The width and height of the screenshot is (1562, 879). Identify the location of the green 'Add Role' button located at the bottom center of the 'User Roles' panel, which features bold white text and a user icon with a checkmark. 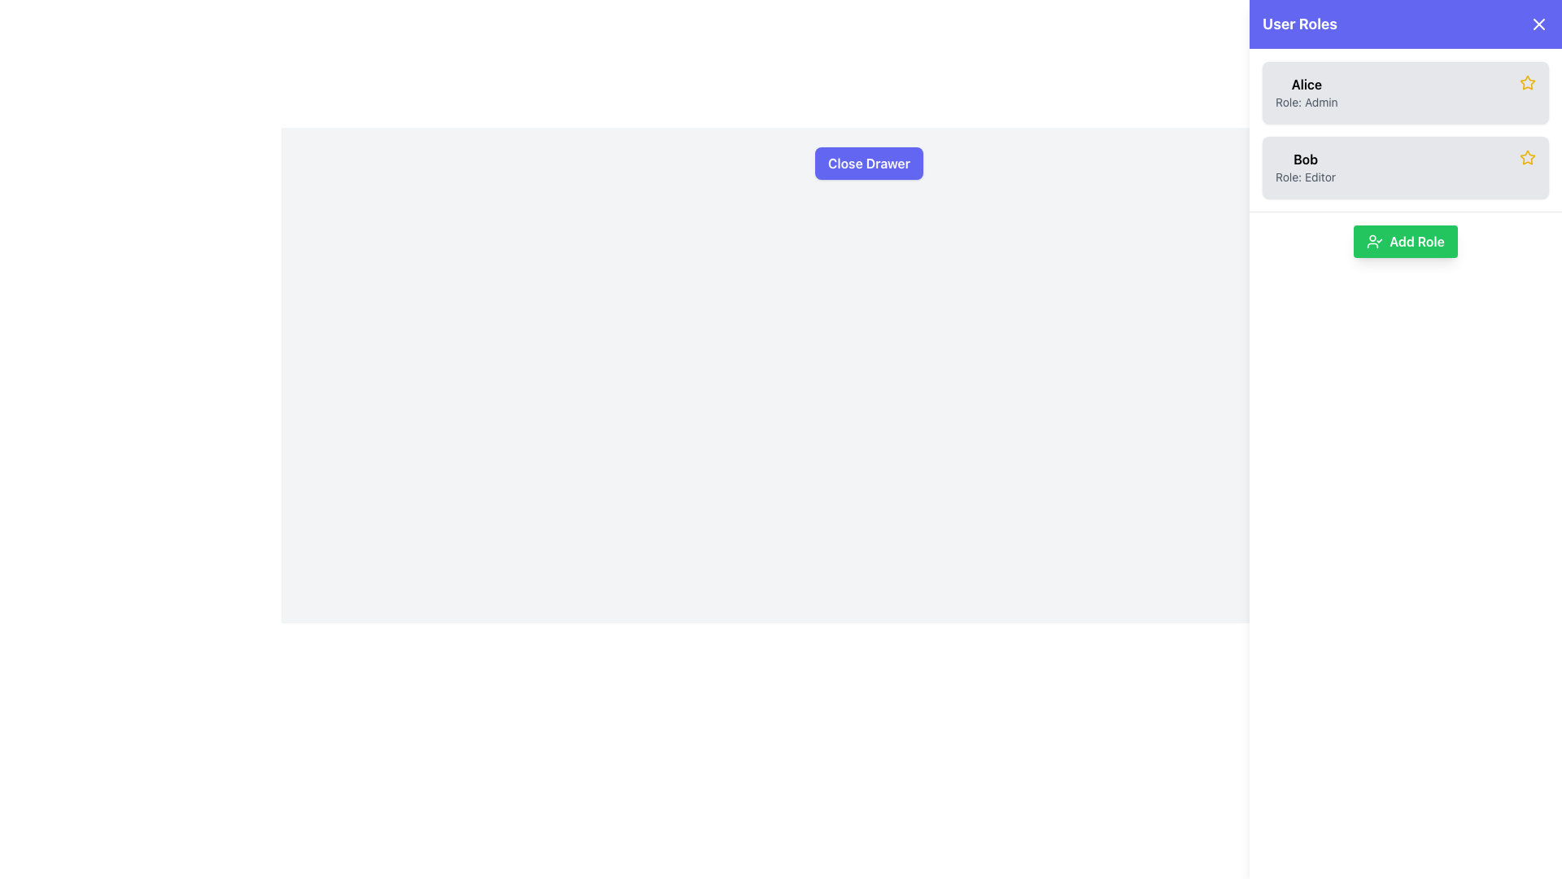
(1405, 242).